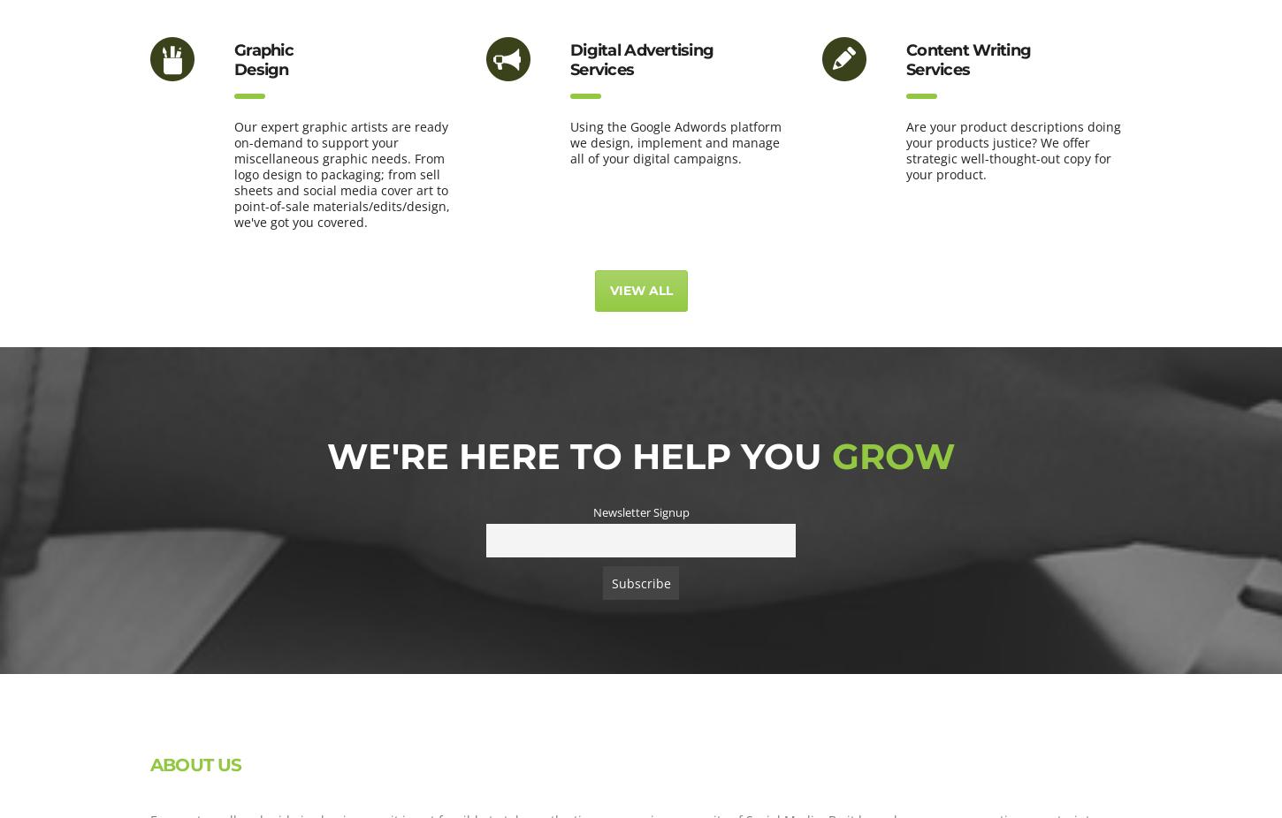 The width and height of the screenshot is (1282, 818). What do you see at coordinates (642, 49) in the screenshot?
I see `'Digital Advertising'` at bounding box center [642, 49].